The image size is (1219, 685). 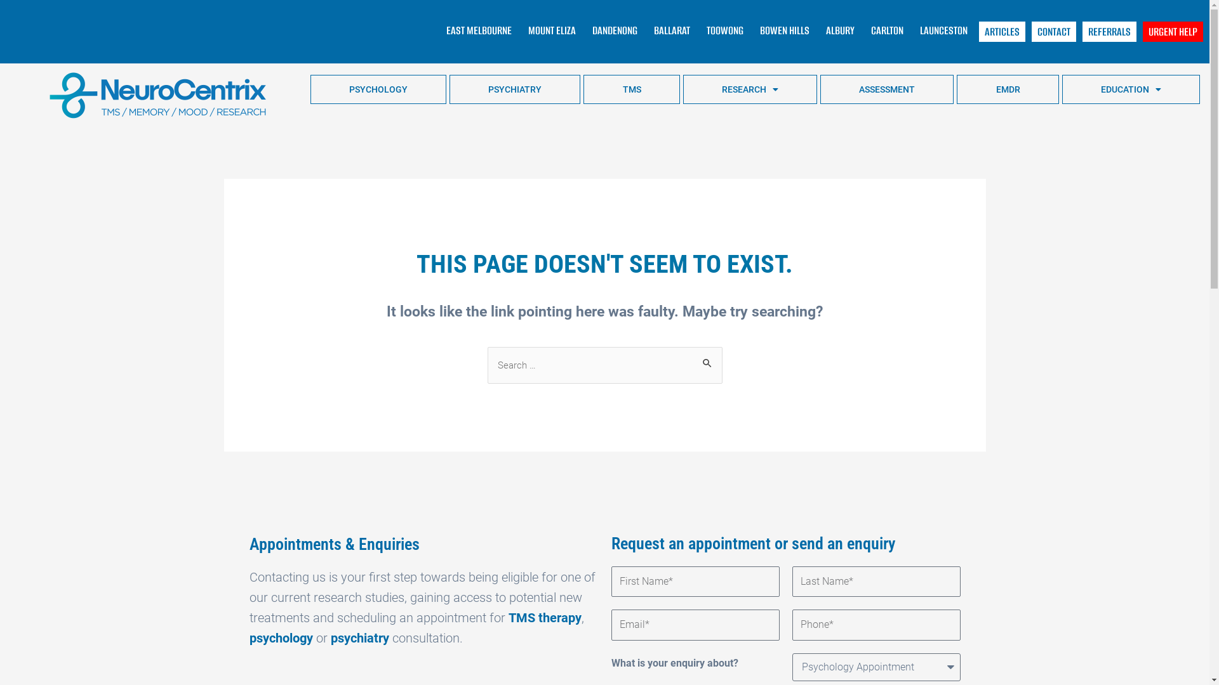 I want to click on 'CONTACT', so click(x=1054, y=31).